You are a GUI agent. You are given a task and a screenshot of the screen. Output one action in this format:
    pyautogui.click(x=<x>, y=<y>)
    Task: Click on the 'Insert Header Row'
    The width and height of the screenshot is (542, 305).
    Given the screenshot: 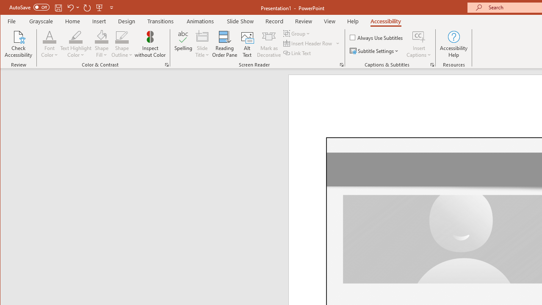 What is the action you would take?
    pyautogui.click(x=311, y=43)
    